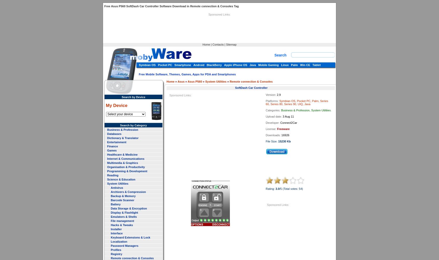 This screenshot has width=439, height=260. Describe the element at coordinates (107, 179) in the screenshot. I see `'Science & Education'` at that location.